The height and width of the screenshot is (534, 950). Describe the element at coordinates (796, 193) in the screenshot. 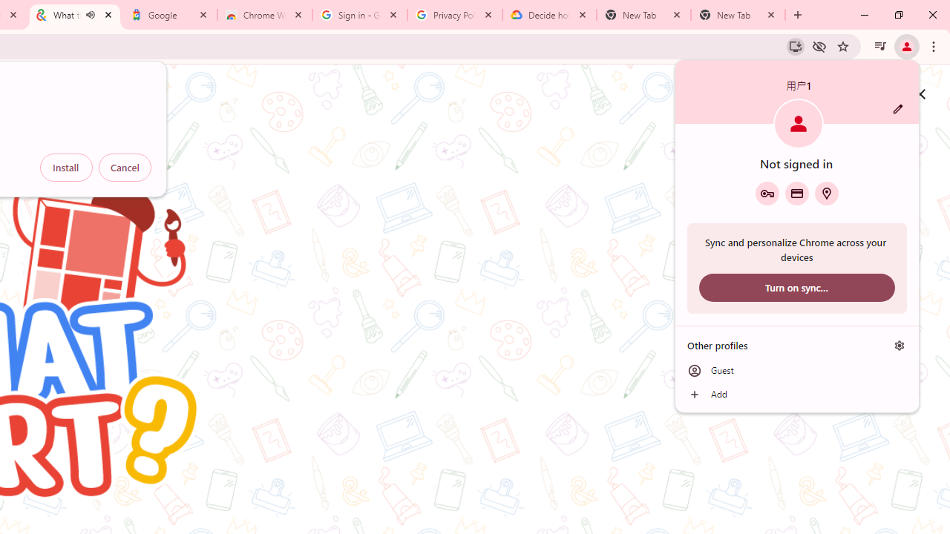

I see `'Payment methods'` at that location.